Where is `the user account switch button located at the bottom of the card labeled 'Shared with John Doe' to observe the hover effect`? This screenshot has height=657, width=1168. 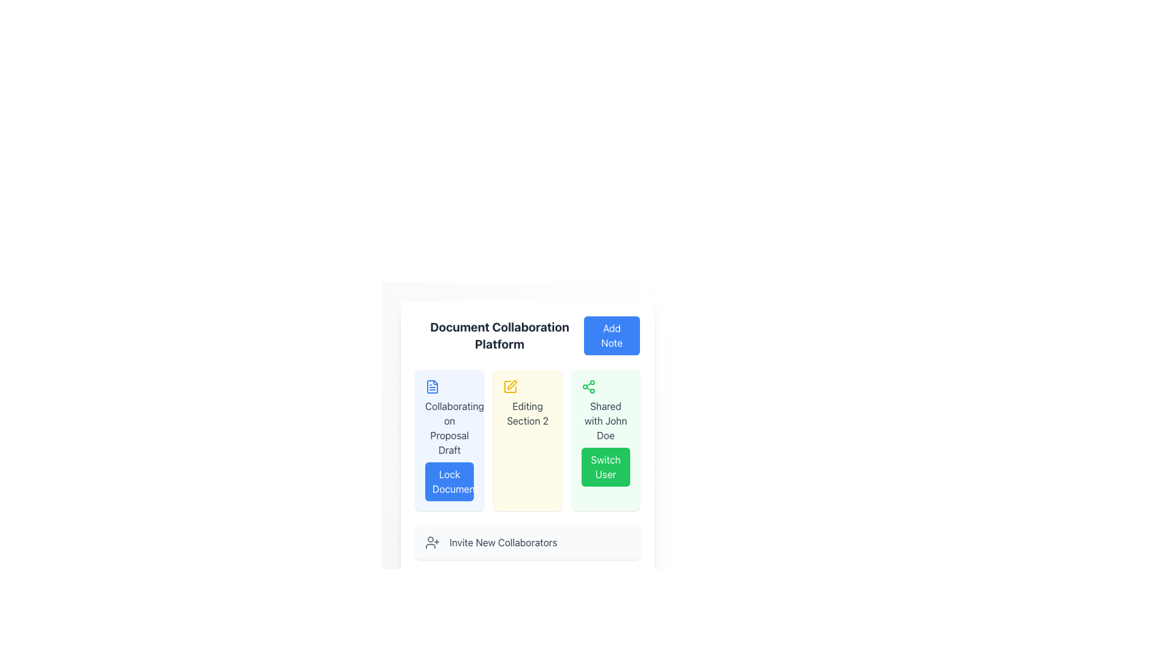
the user account switch button located at the bottom of the card labeled 'Shared with John Doe' to observe the hover effect is located at coordinates (605, 466).